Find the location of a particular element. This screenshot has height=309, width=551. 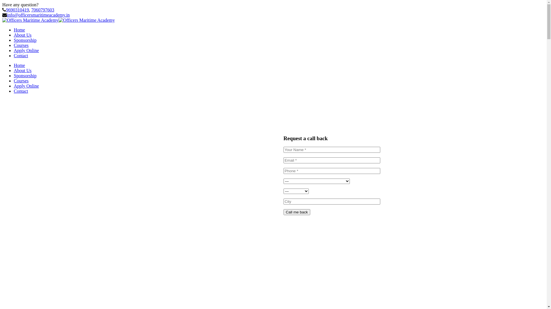

'Sponsorship' is located at coordinates (25, 75).